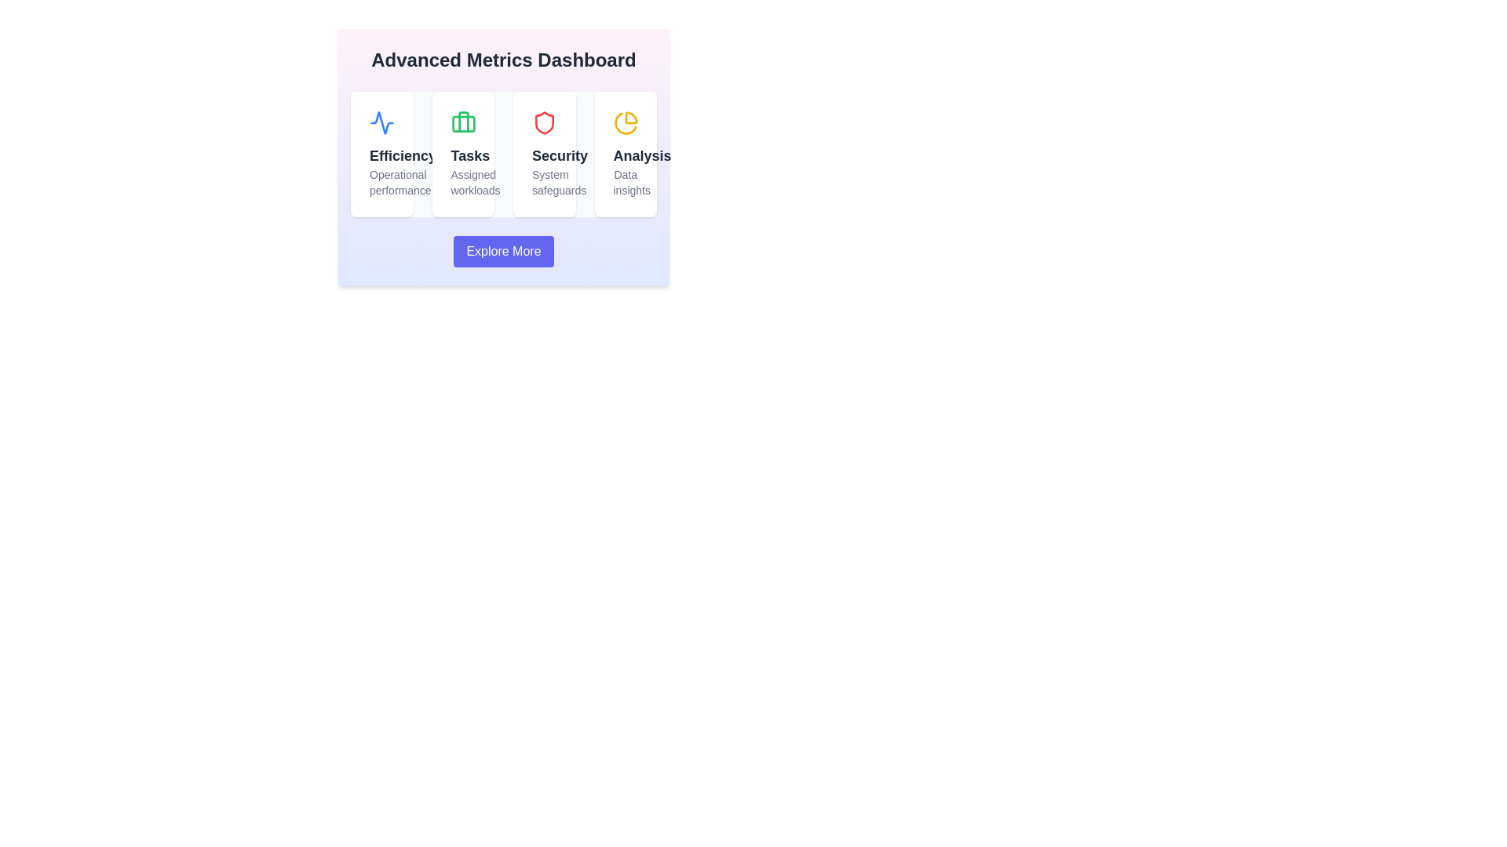 This screenshot has height=847, width=1507. Describe the element at coordinates (462, 181) in the screenshot. I see `the 'Assigned workloads' text label, which is the second caption within the 'Tasks' card, positioned below the 'Tasks' header in the 'Advanced Metrics Dashboard'` at that location.